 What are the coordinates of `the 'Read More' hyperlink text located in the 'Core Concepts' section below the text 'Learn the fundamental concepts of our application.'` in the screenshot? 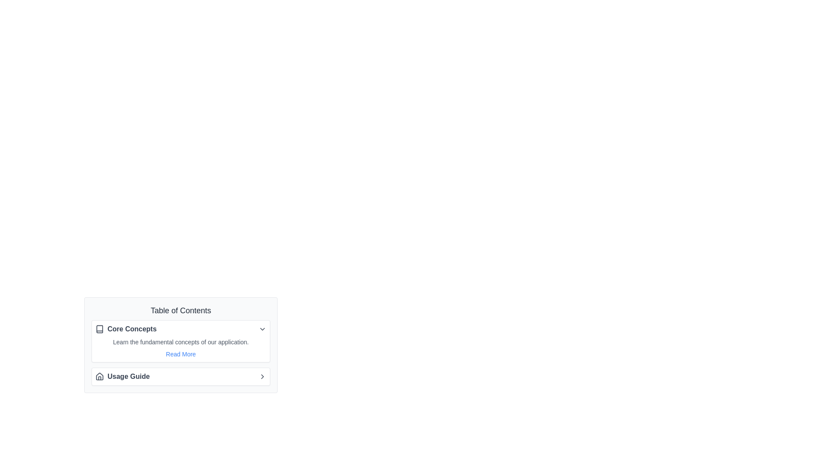 It's located at (180, 354).